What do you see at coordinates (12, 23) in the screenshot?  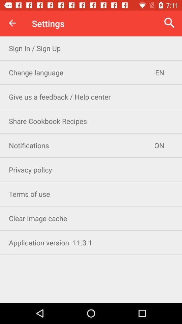 I see `the item to the left of the settings` at bounding box center [12, 23].